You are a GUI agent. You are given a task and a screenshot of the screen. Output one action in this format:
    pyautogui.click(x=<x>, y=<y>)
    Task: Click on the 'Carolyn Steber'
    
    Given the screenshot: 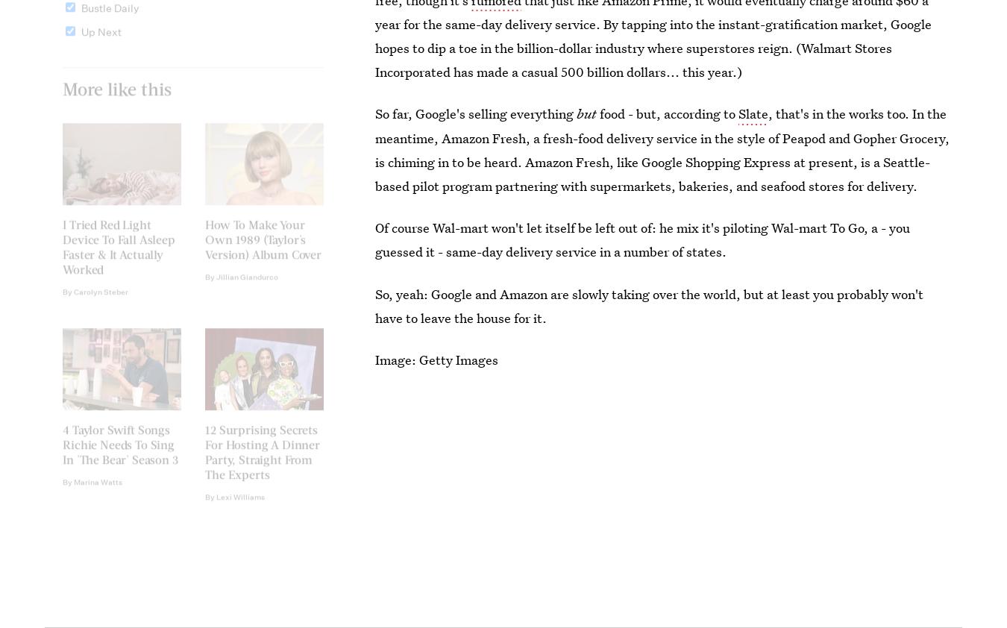 What is the action you would take?
    pyautogui.click(x=101, y=302)
    